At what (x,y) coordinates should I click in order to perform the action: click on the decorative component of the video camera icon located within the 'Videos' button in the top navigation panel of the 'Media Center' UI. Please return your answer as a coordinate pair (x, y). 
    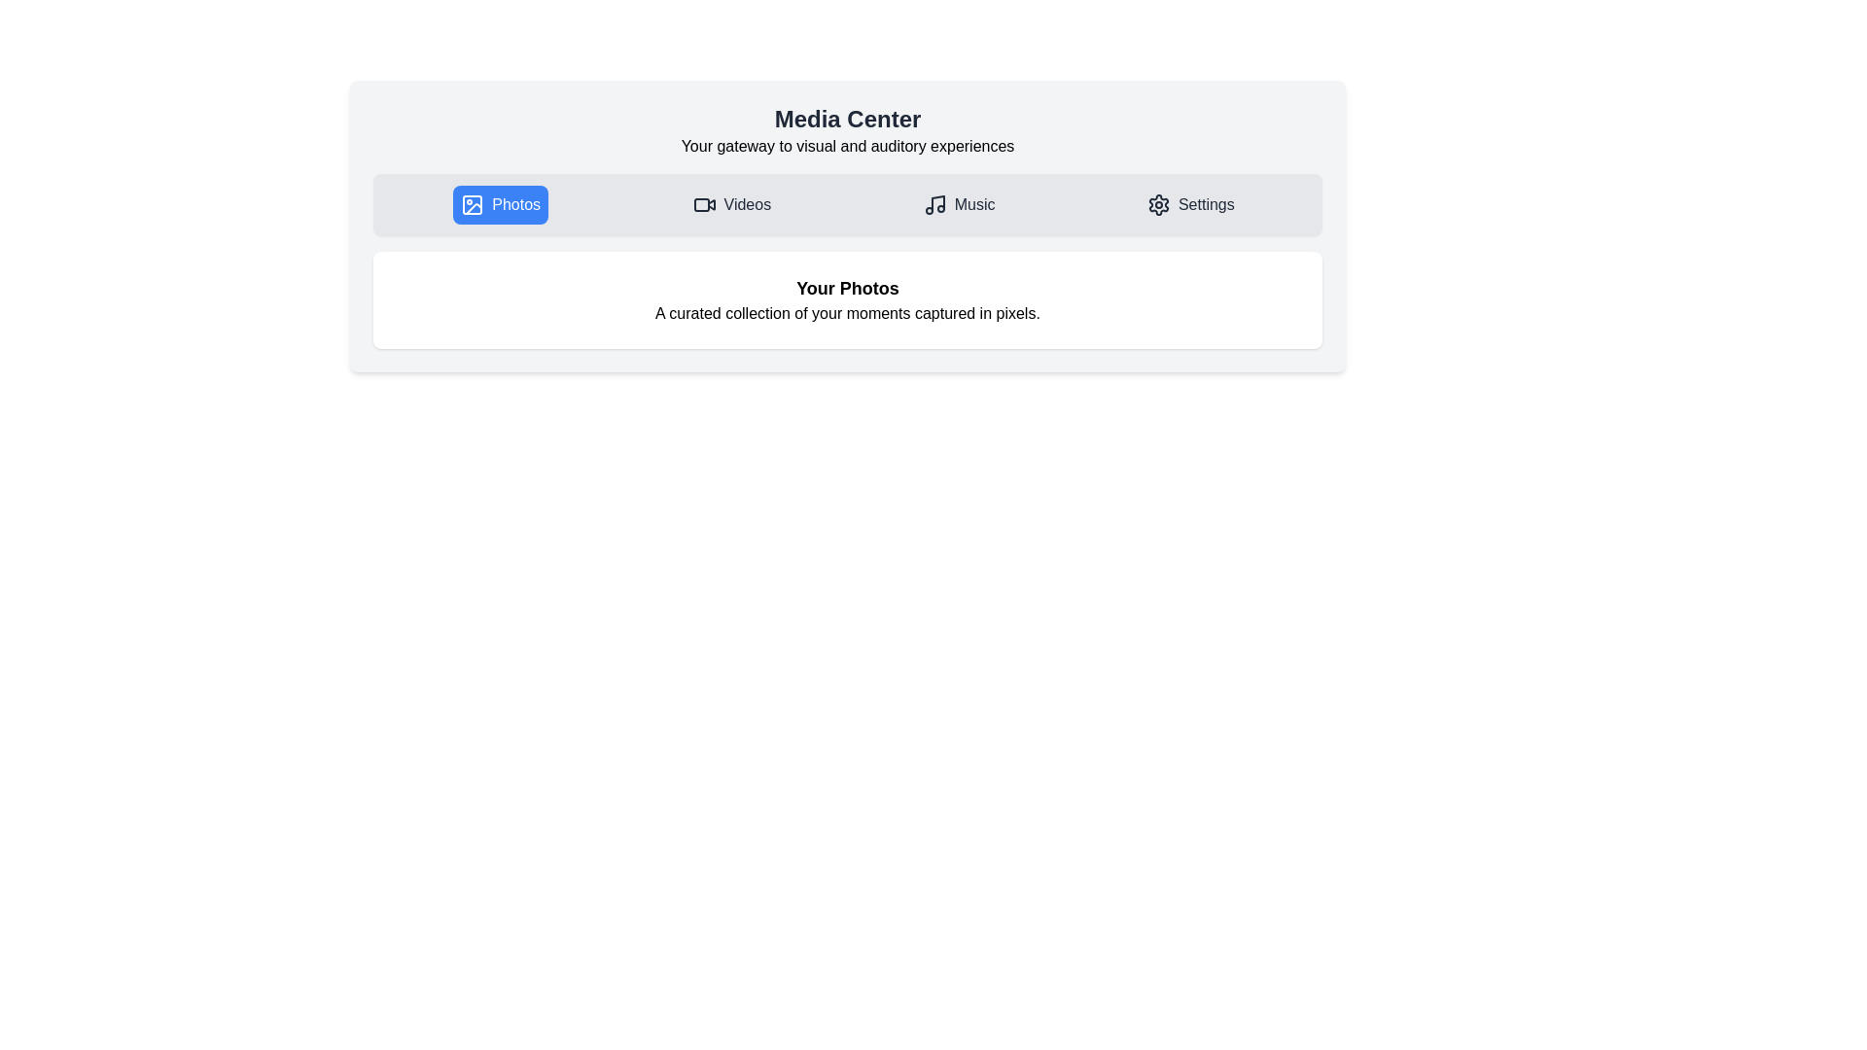
    Looking at the image, I should click on (700, 205).